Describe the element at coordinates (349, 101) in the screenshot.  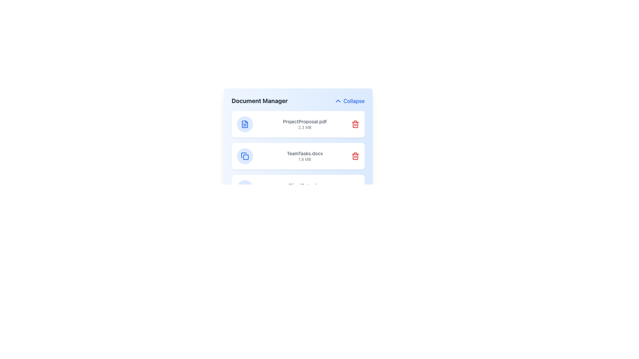
I see `the Button Link in the top-right corner of the 'Document Manager' section` at that location.